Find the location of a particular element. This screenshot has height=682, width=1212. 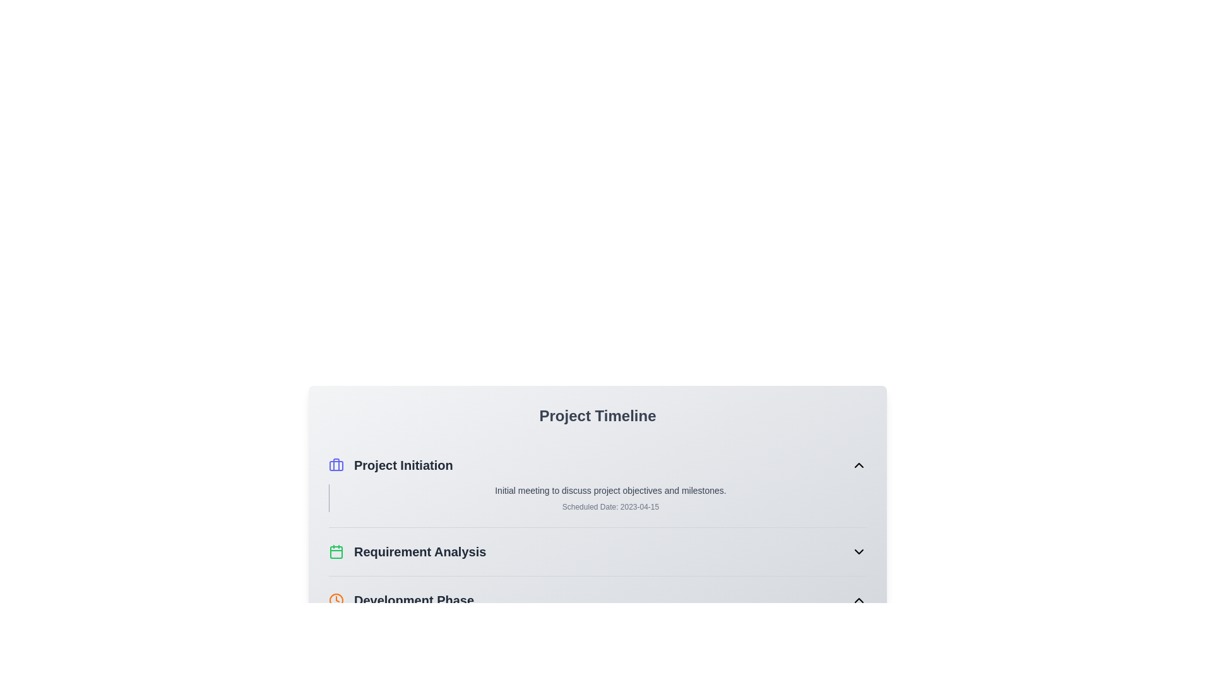

the downward-pointing chevron arrow icon is located at coordinates (858, 551).